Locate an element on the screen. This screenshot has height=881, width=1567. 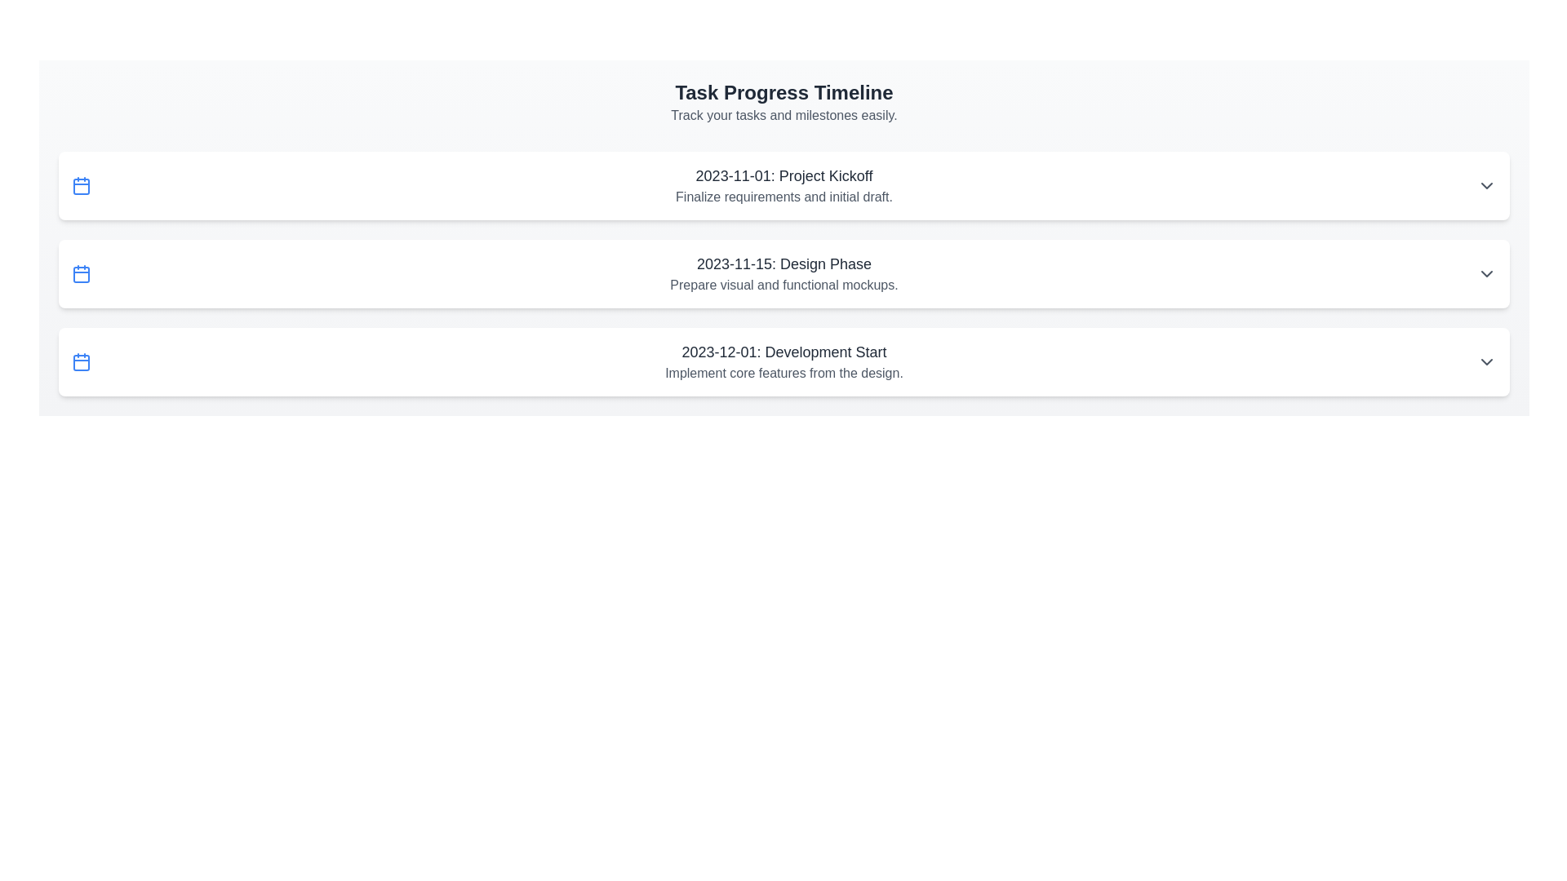
the toggle IconButton located at the far right of the entry labeled '2023-12-01: Development Start' is located at coordinates (1487, 361).